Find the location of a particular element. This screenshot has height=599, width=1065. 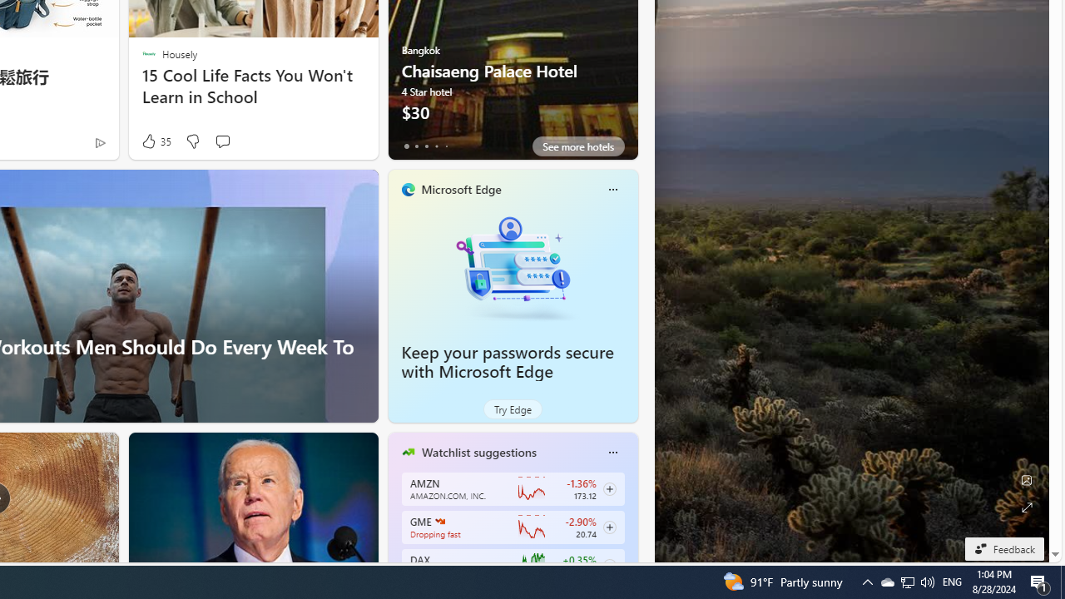

'tab-4' is located at coordinates (446, 146).